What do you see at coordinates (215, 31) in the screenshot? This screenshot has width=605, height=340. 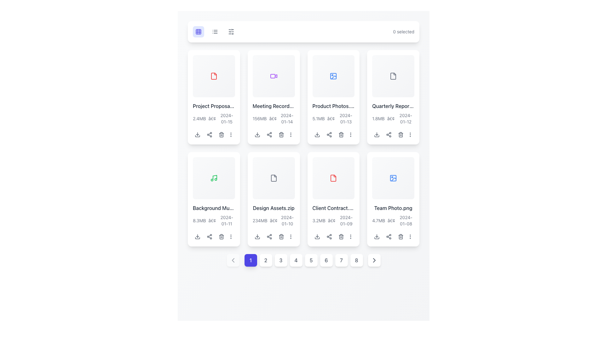 I see `the small list icon in the top navigation bar` at bounding box center [215, 31].